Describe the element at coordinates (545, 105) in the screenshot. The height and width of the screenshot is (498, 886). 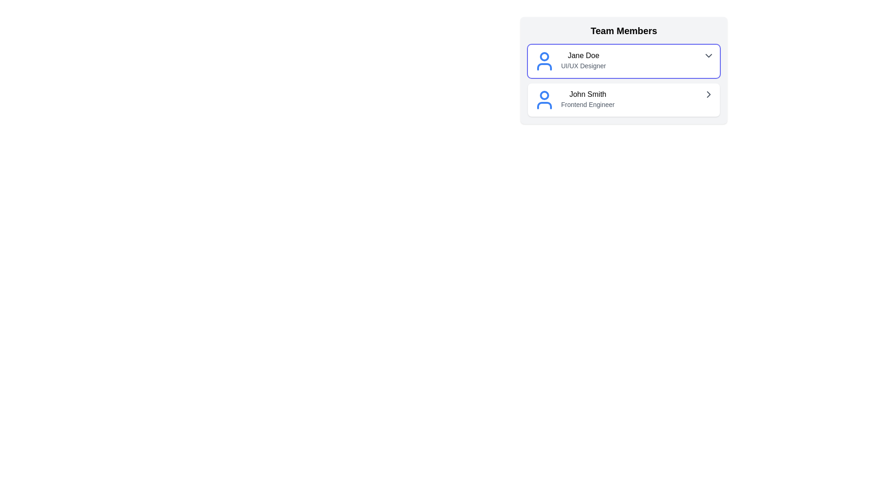
I see `the lower curved line of the user profile icon located at the left side of the card listing team member John Smith` at that location.